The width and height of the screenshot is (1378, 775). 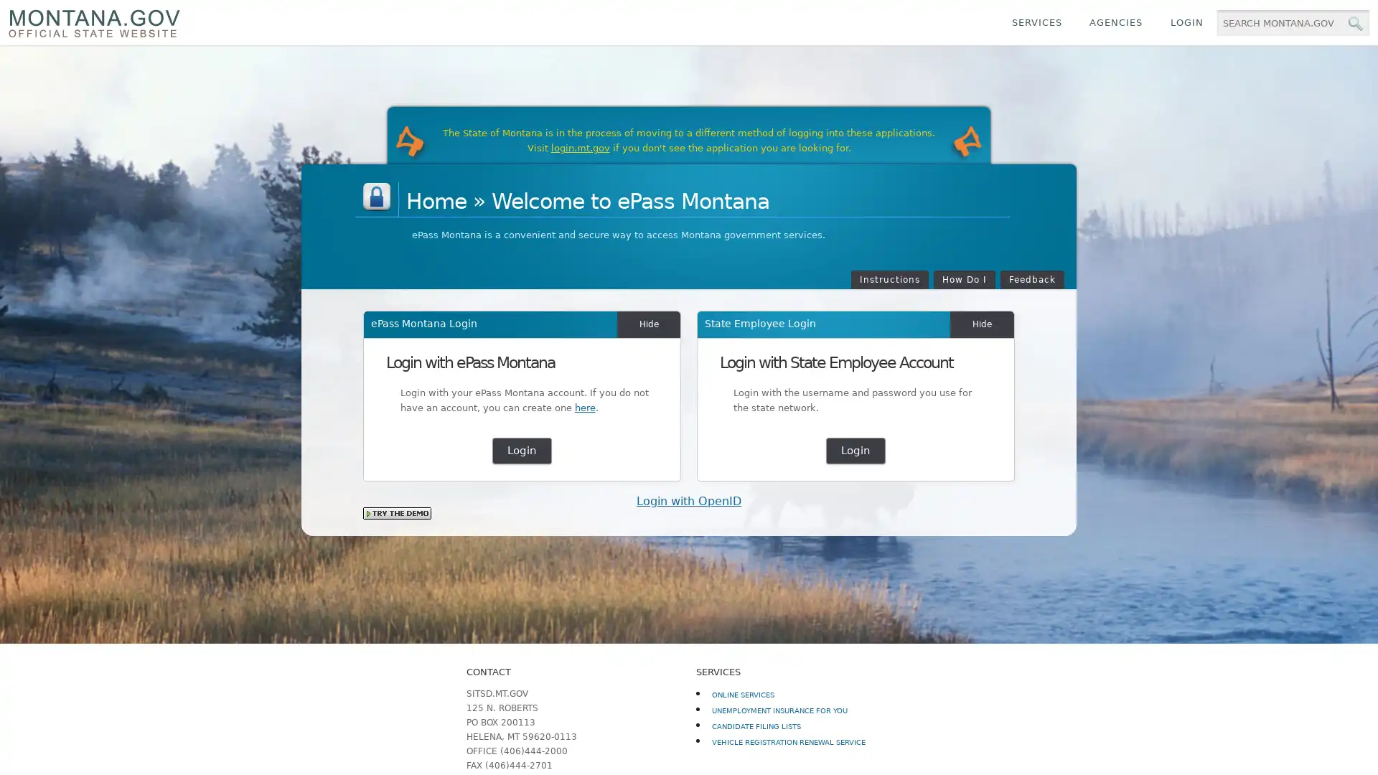 I want to click on MT.gov Search Button, so click(x=1354, y=24).